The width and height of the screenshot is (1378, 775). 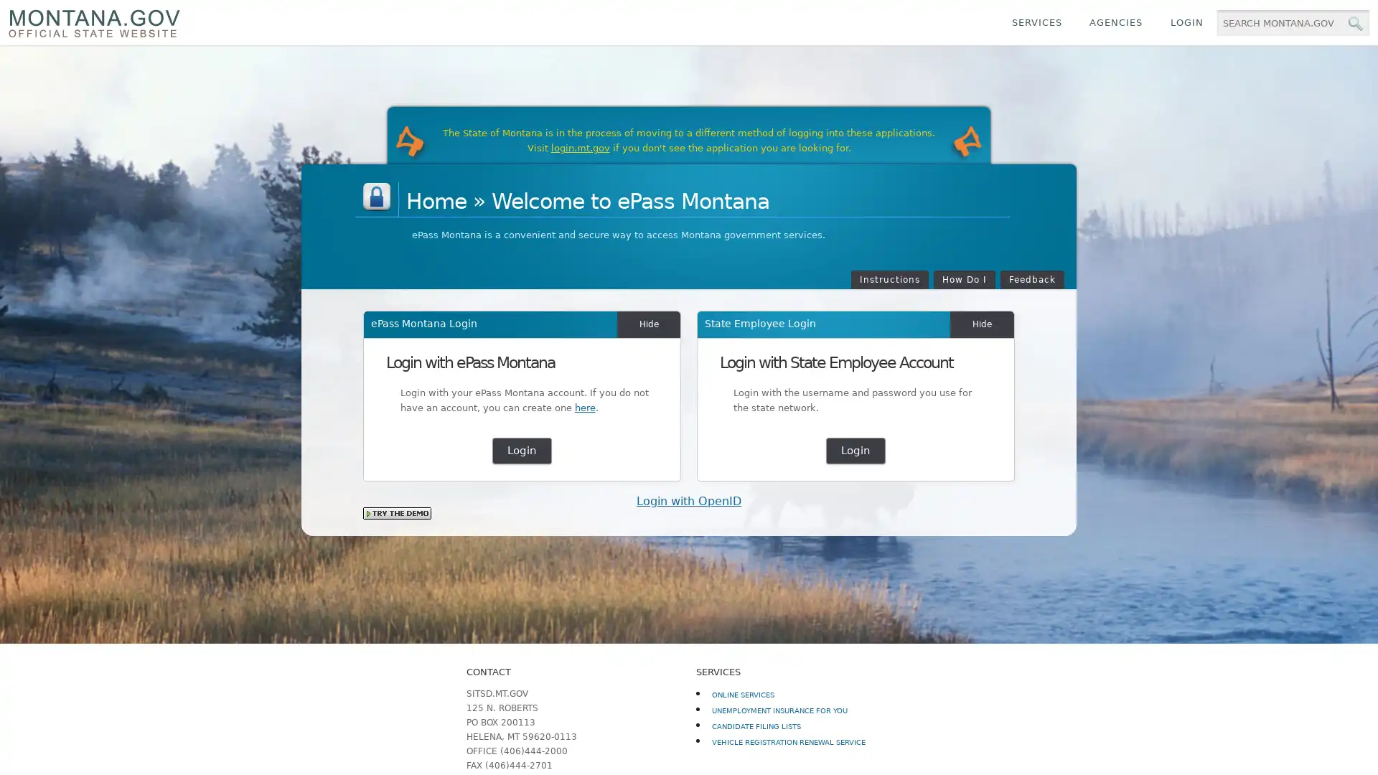 I want to click on MT.gov Search Button, so click(x=1354, y=24).